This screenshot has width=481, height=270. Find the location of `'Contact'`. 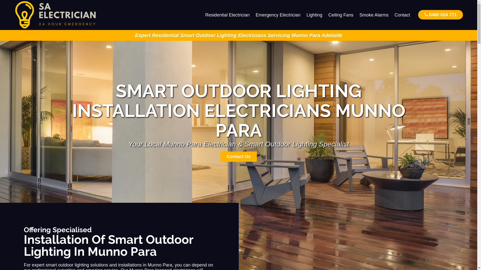

'Contact' is located at coordinates (402, 15).